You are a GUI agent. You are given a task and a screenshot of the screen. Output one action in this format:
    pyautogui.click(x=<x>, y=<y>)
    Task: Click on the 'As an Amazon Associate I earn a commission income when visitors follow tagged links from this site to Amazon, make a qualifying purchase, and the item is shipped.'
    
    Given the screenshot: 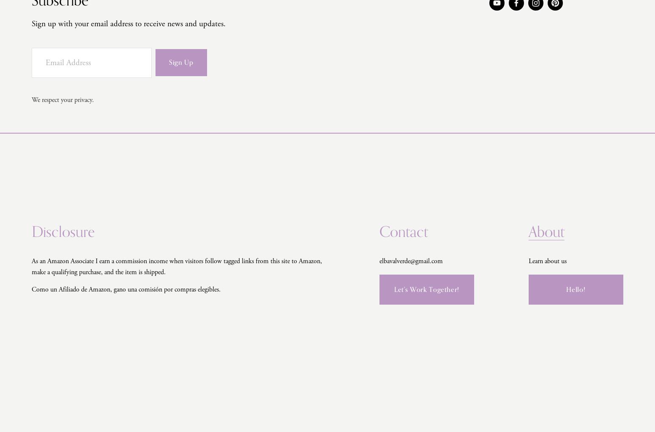 What is the action you would take?
    pyautogui.click(x=177, y=266)
    